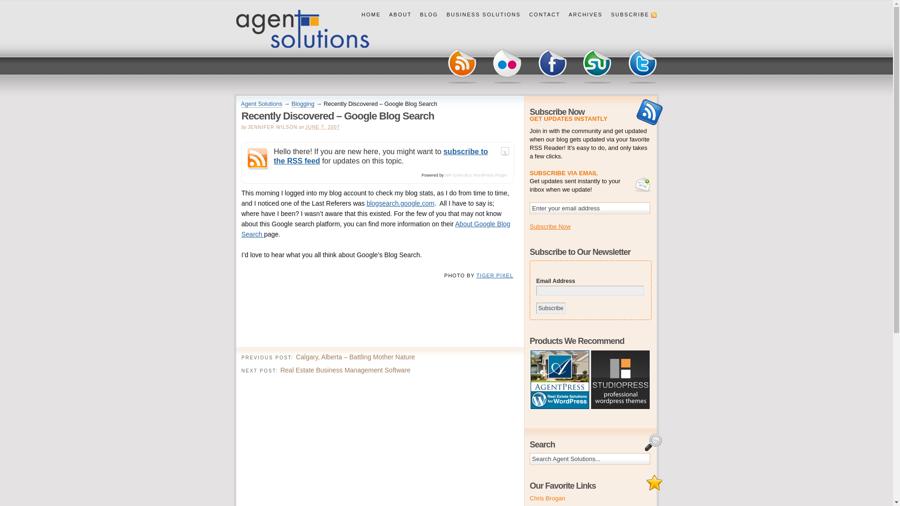 Image resolution: width=900 pixels, height=506 pixels. What do you see at coordinates (524, 15) in the screenshot?
I see `'CONTACT'` at bounding box center [524, 15].